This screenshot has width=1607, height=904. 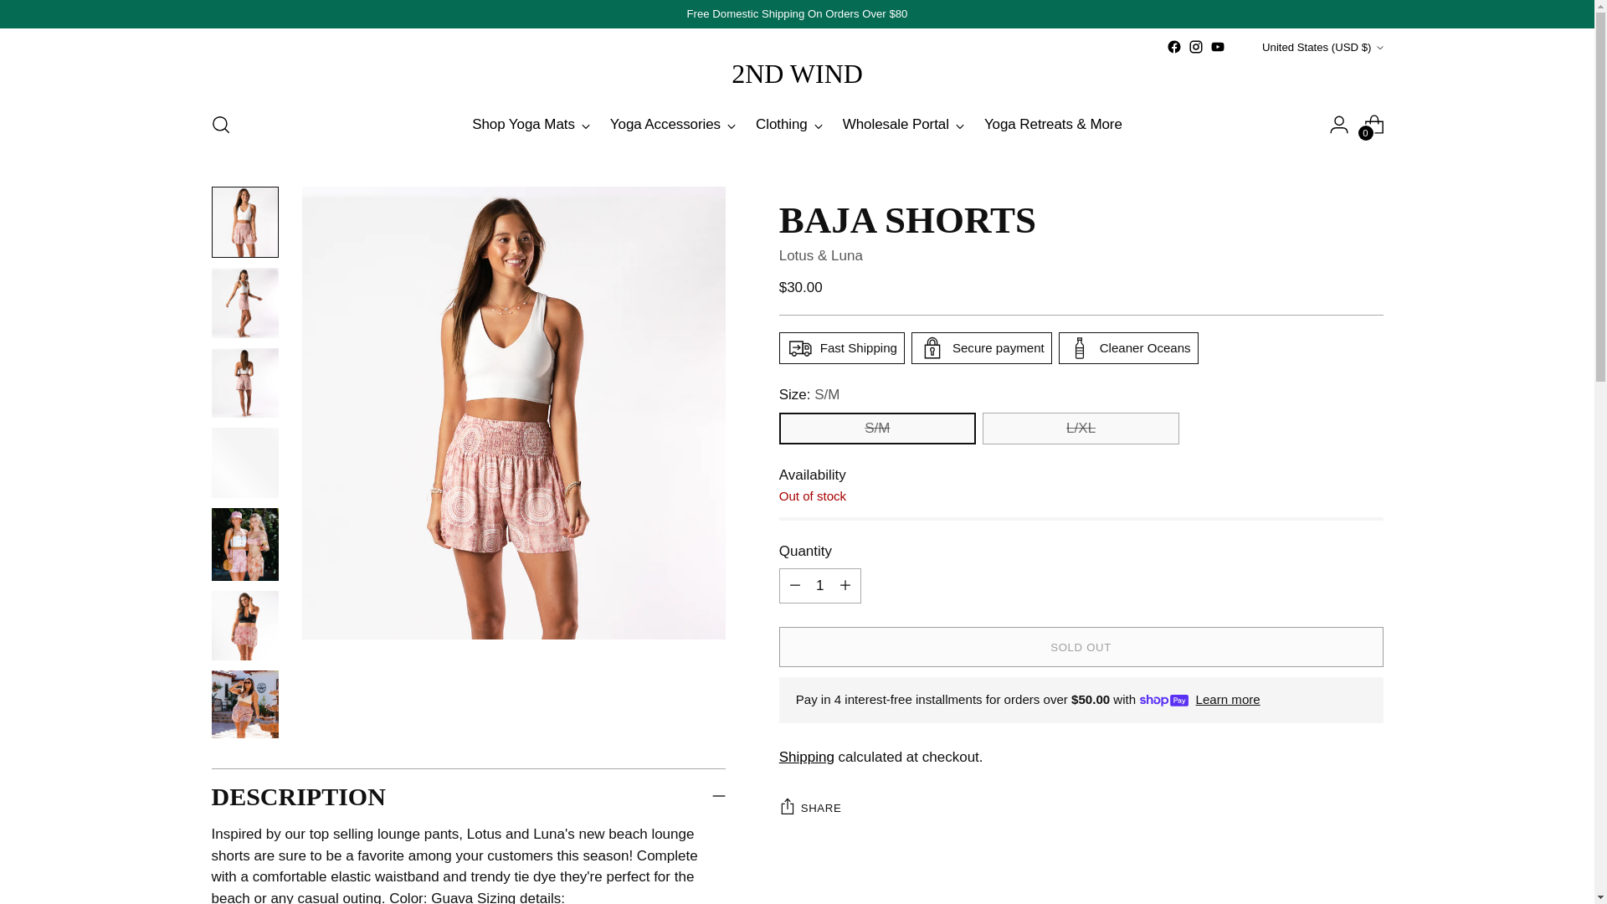 I want to click on 'L/XL', so click(x=1081, y=428).